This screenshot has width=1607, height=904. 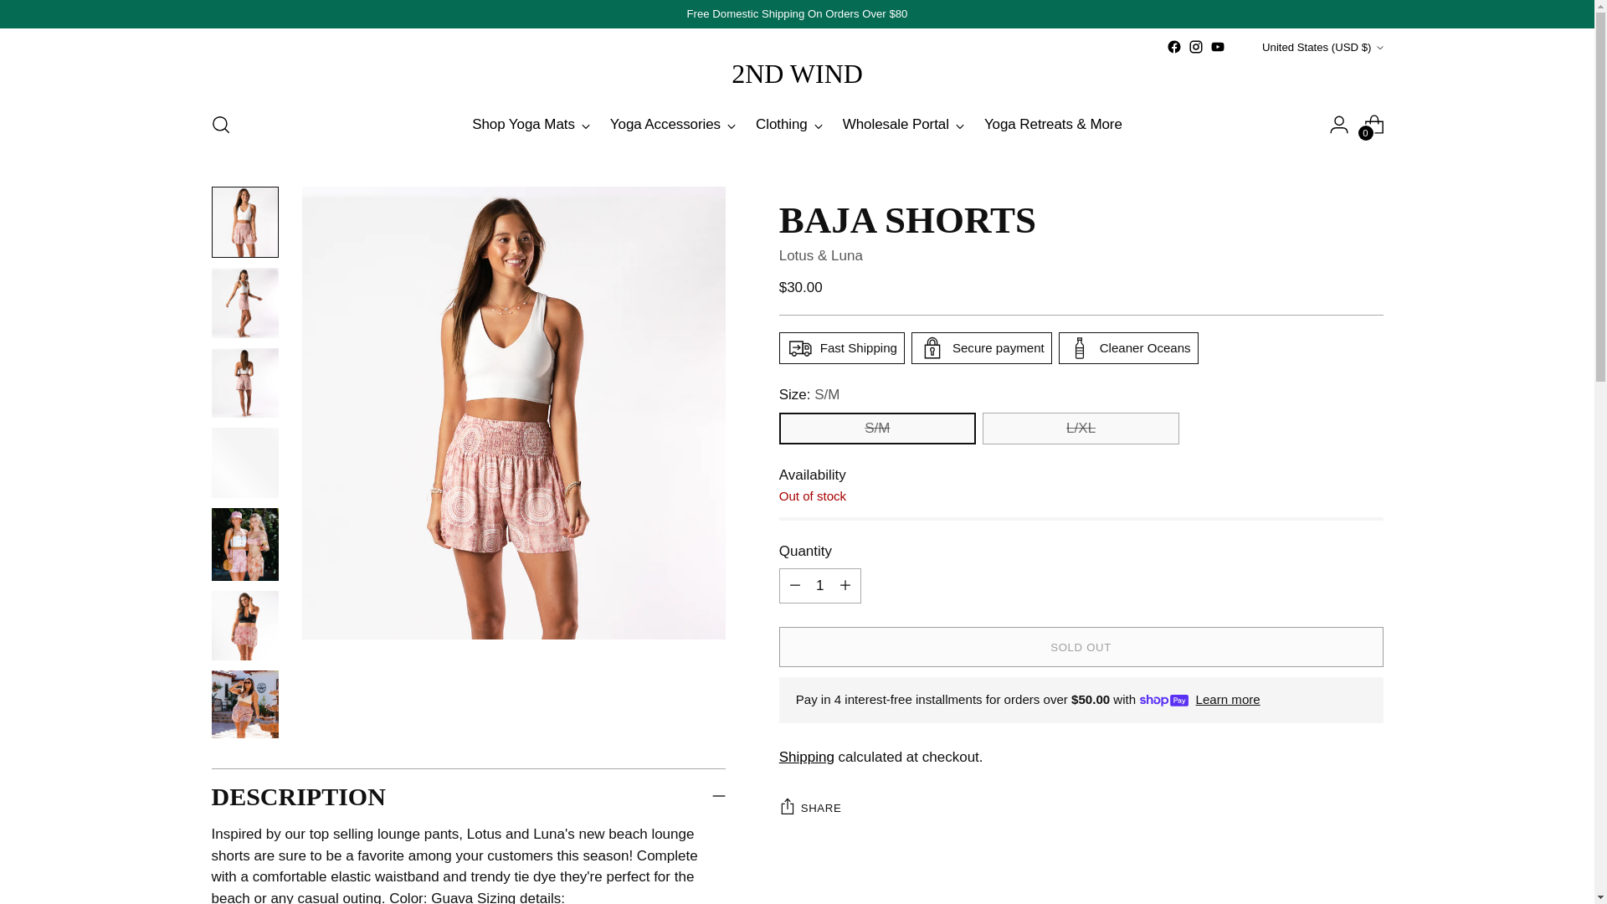 I want to click on 'L/XL', so click(x=1081, y=428).